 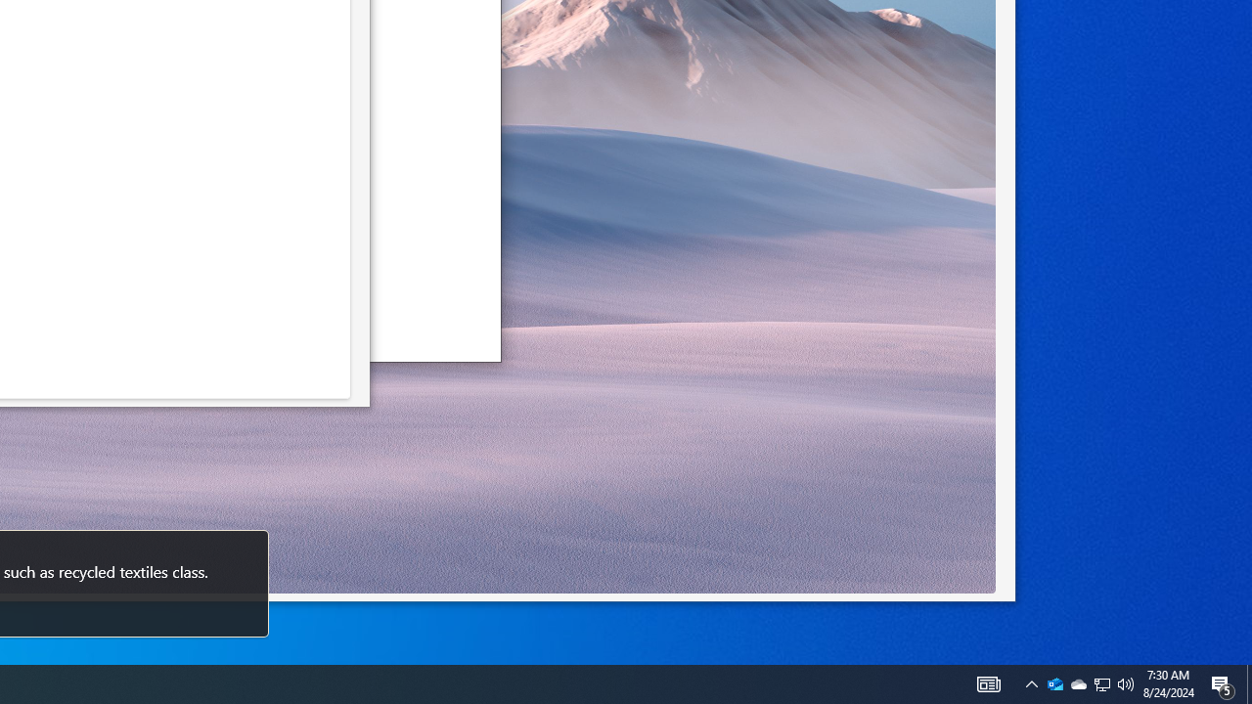 What do you see at coordinates (1102, 682) in the screenshot?
I see `'Q2790: 100%'` at bounding box center [1102, 682].